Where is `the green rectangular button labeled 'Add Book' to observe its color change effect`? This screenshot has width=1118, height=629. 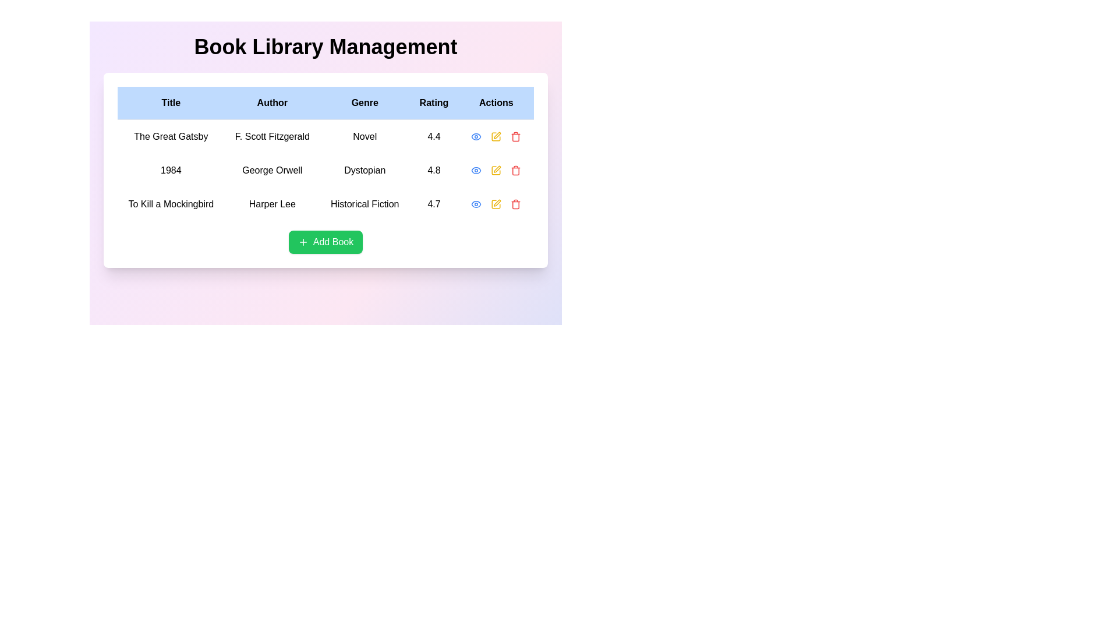
the green rectangular button labeled 'Add Book' to observe its color change effect is located at coordinates (326, 242).